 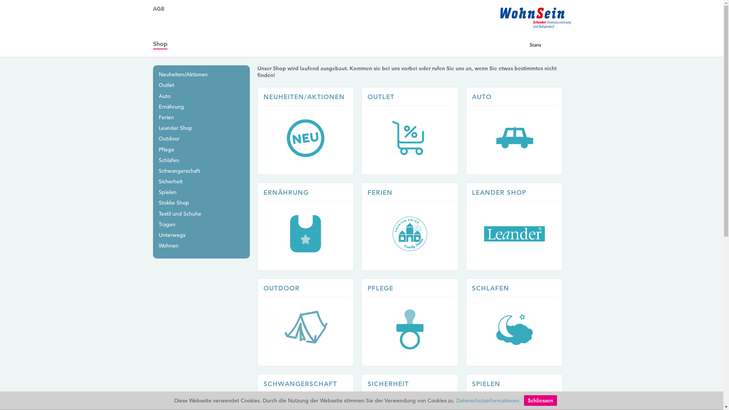 What do you see at coordinates (170, 181) in the screenshot?
I see `'Sicherheit'` at bounding box center [170, 181].